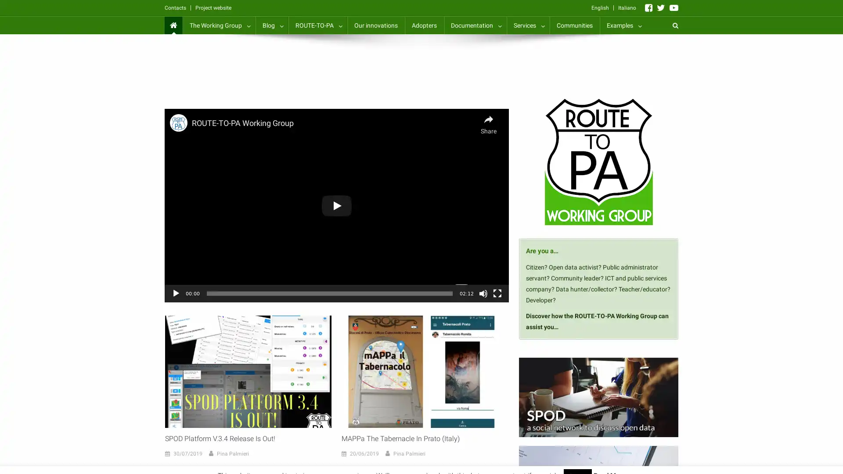 The width and height of the screenshot is (843, 474). Describe the element at coordinates (176, 293) in the screenshot. I see `Play` at that location.